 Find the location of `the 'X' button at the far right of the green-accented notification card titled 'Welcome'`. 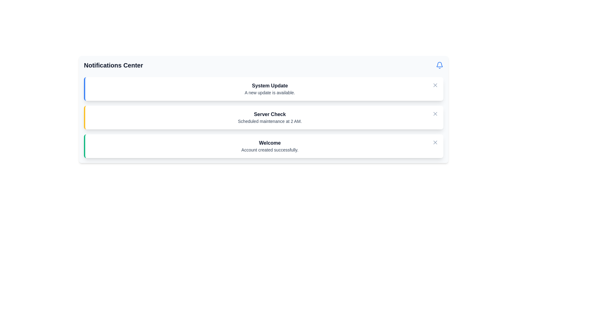

the 'X' button at the far right of the green-accented notification card titled 'Welcome' is located at coordinates (435, 142).